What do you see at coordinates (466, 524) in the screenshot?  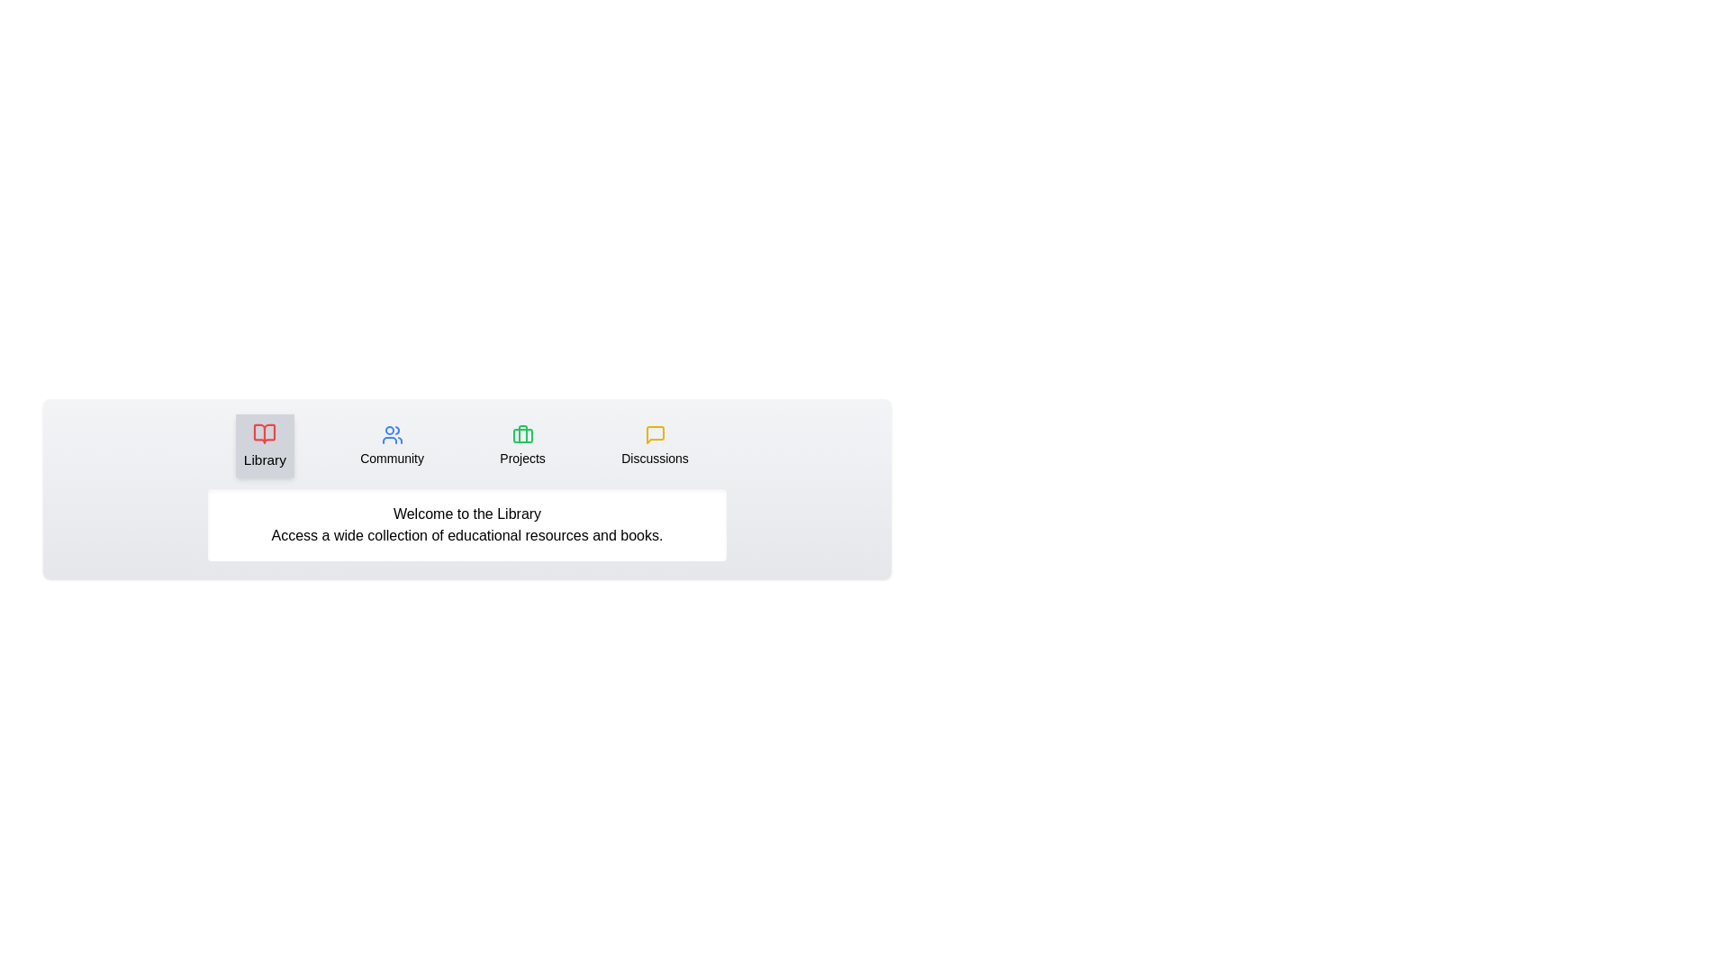 I see `informative header text block located in the middle section of the card, which provides a welcoming message and a brief description of available resources` at bounding box center [466, 524].